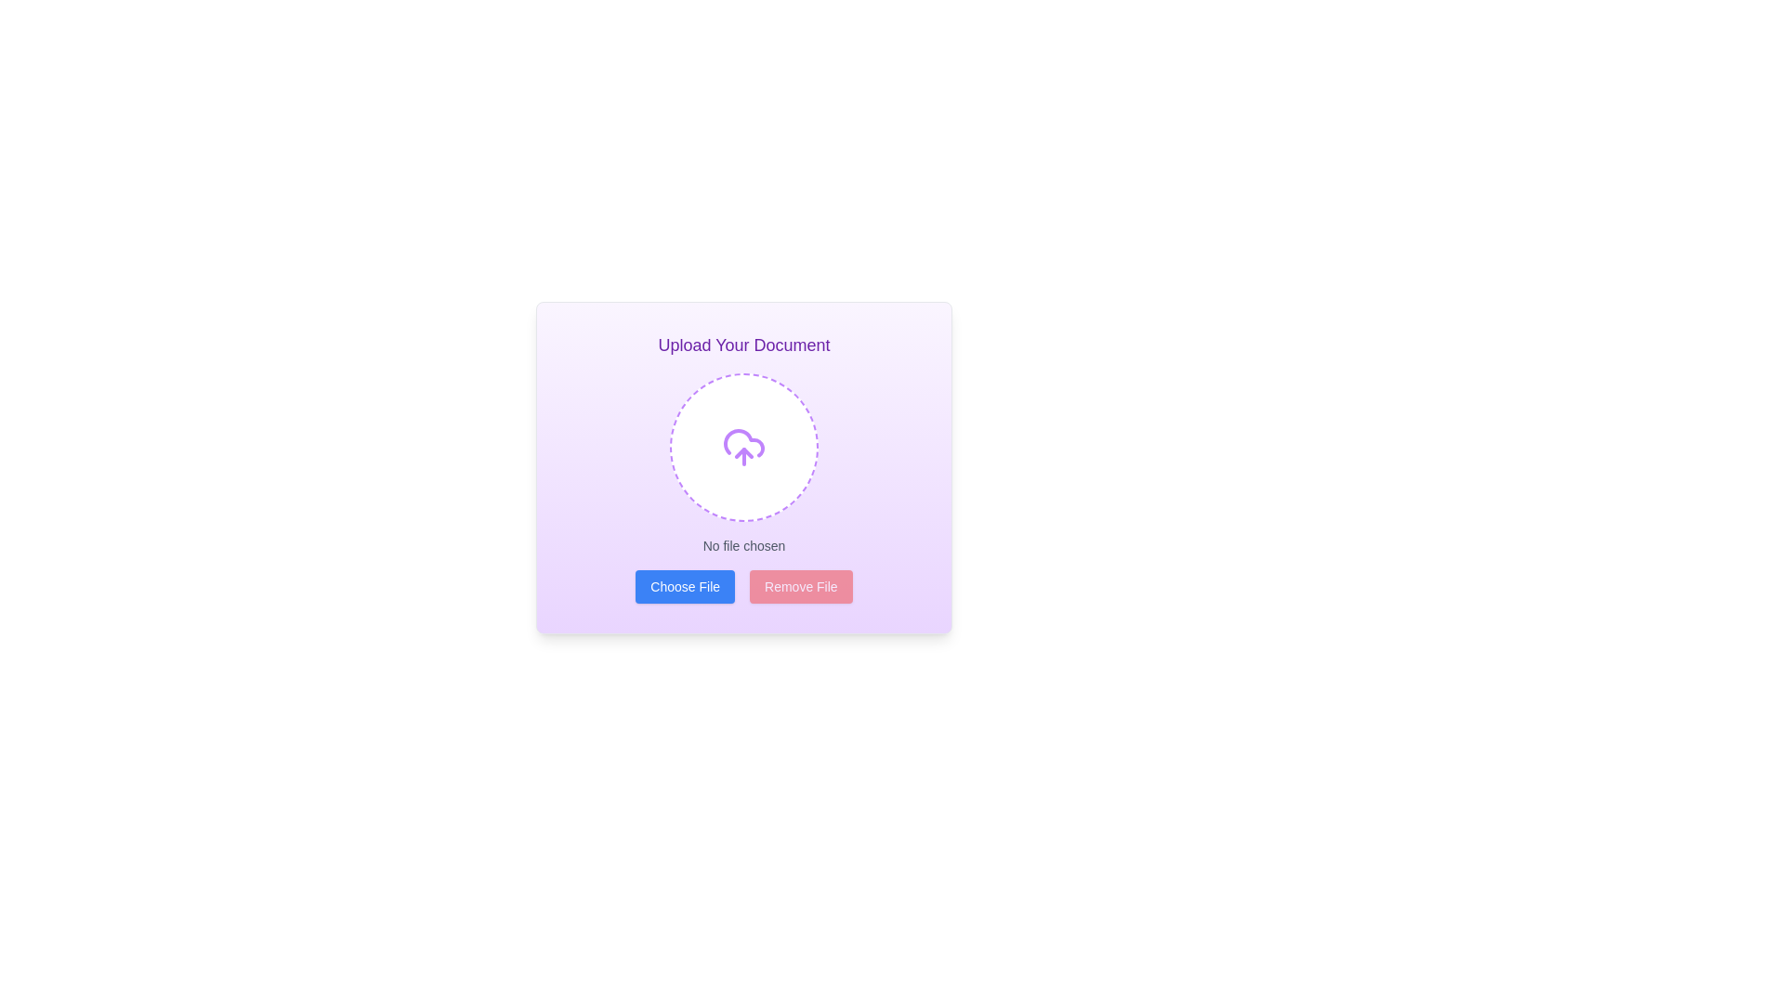 The height and width of the screenshot is (1003, 1784). Describe the element at coordinates (744, 453) in the screenshot. I see `the visual representation of the upward arrow component of the cloud upload icon, which is part of an SVG structure located centrally in the card-like area` at that location.